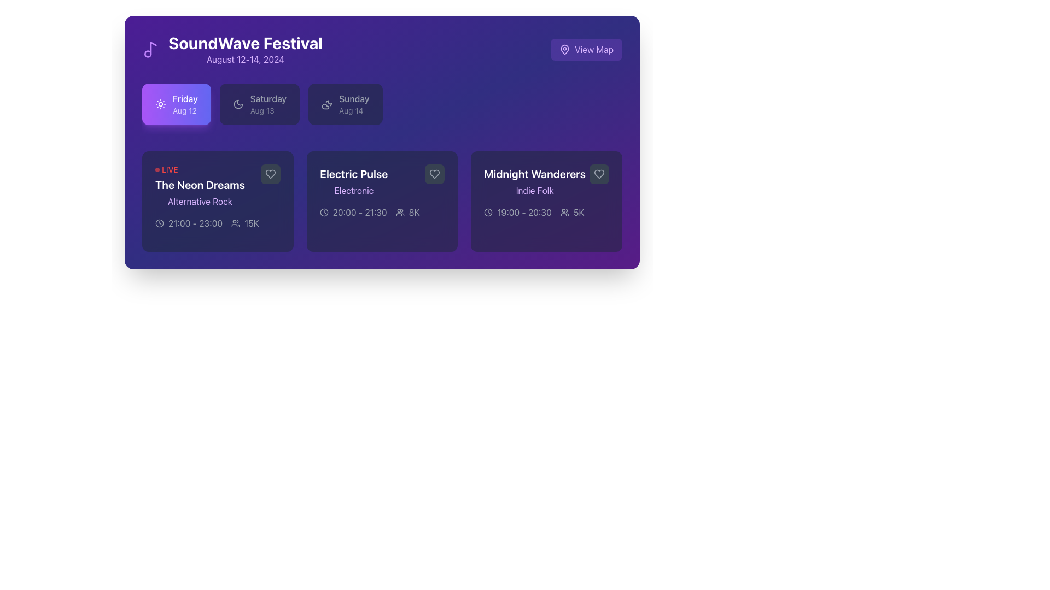  I want to click on the 'View Map' button located at the top-right corner of the festival schedule, so click(593, 50).